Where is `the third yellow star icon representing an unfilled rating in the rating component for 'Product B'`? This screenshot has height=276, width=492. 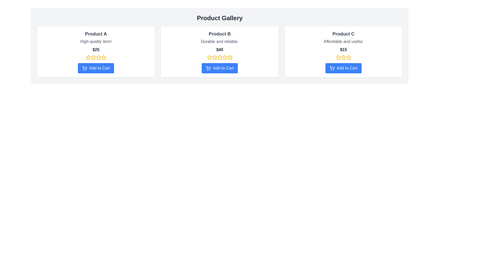
the third yellow star icon representing an unfilled rating in the rating component for 'Product B' is located at coordinates (220, 57).